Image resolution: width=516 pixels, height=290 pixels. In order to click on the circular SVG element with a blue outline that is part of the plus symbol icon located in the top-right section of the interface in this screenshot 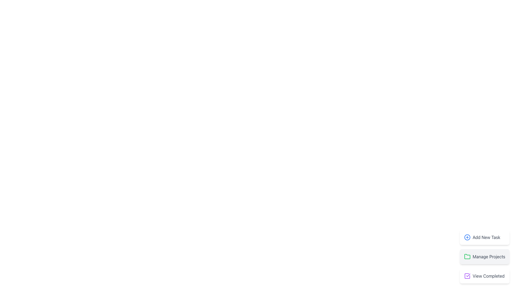, I will do `click(467, 237)`.